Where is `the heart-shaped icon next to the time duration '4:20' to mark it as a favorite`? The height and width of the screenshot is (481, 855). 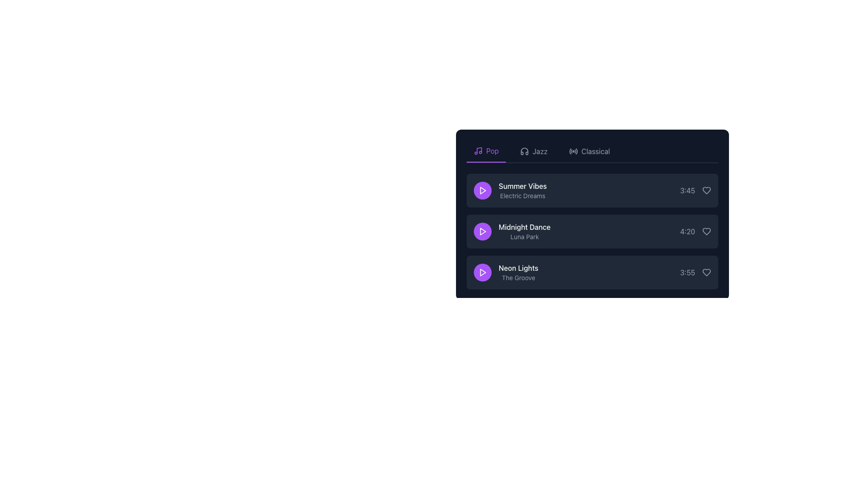 the heart-shaped icon next to the time duration '4:20' to mark it as a favorite is located at coordinates (706, 231).